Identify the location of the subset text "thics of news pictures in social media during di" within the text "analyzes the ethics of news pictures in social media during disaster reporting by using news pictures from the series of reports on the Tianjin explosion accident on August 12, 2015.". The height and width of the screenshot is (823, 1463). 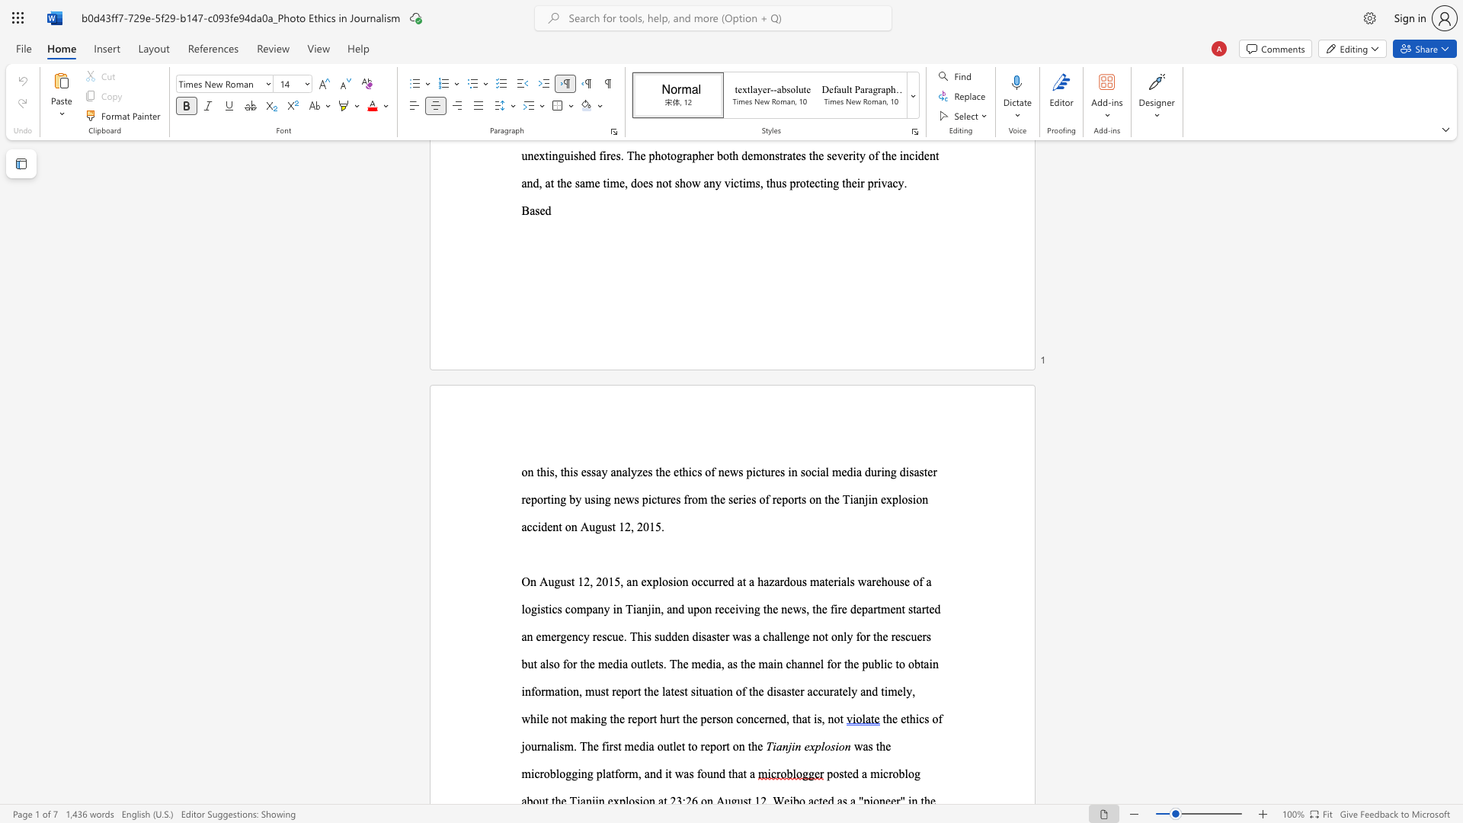
(678, 471).